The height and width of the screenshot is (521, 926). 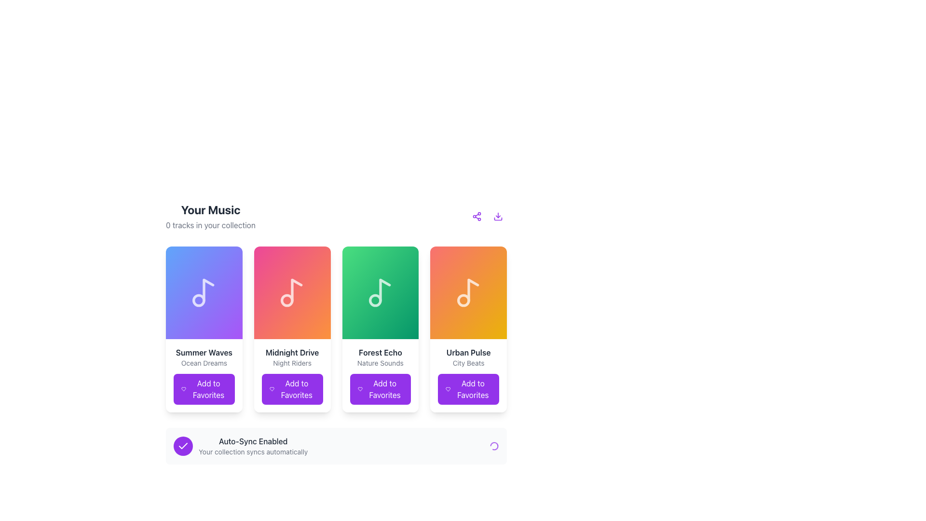 I want to click on the circular decorative element located centrally within the first card of the card list, just above the text 'Summer Waves', so click(x=198, y=300).